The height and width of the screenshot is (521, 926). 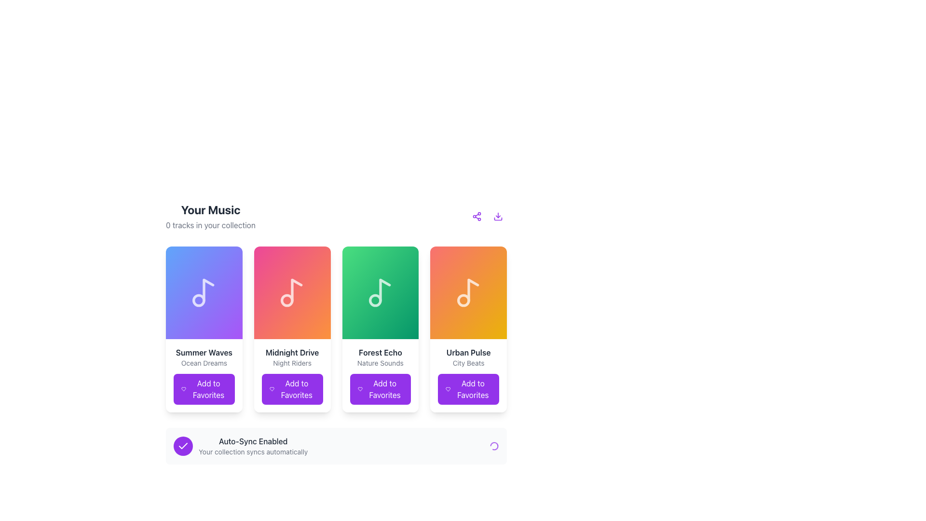 I want to click on the circular decorative element located centrally within the first card of the card list, just above the text 'Summer Waves', so click(x=198, y=300).